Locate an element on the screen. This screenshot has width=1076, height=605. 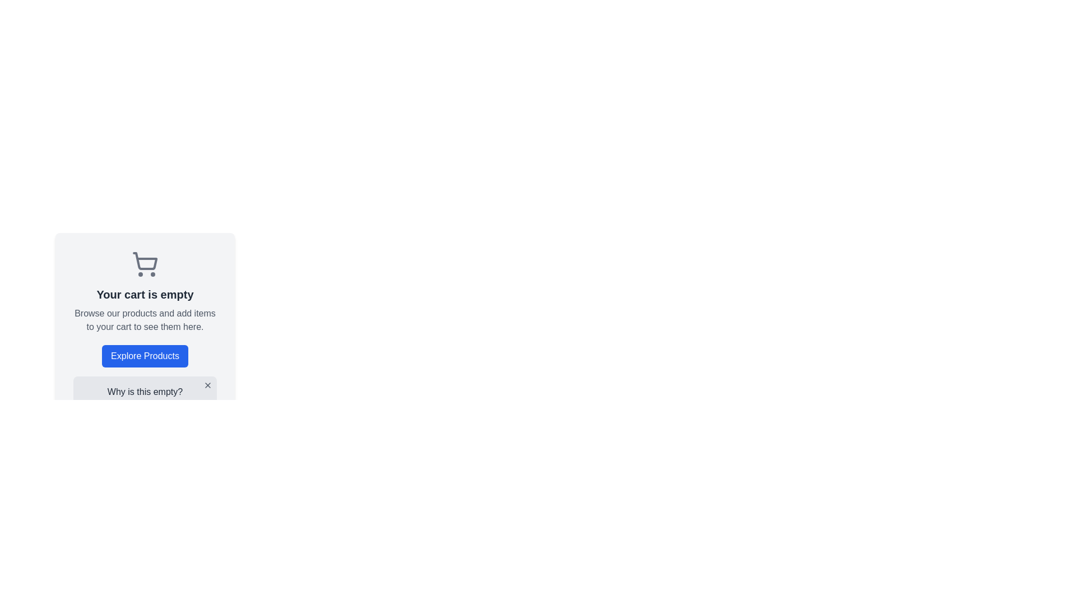
informational message box displaying the text 'Why is this empty?' and 'Your cart is empty because you have not added any items yet.' is located at coordinates (145, 403).